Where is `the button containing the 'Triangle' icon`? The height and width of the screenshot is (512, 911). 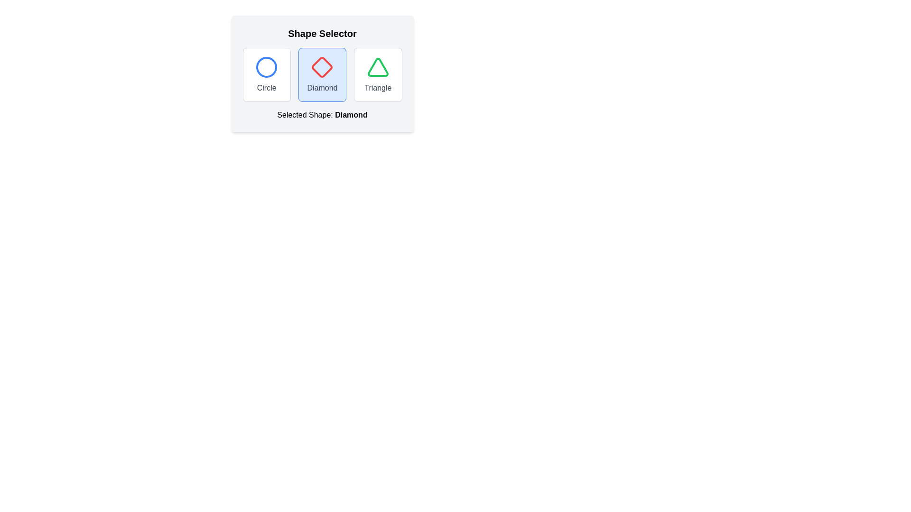
the button containing the 'Triangle' icon is located at coordinates (377, 67).